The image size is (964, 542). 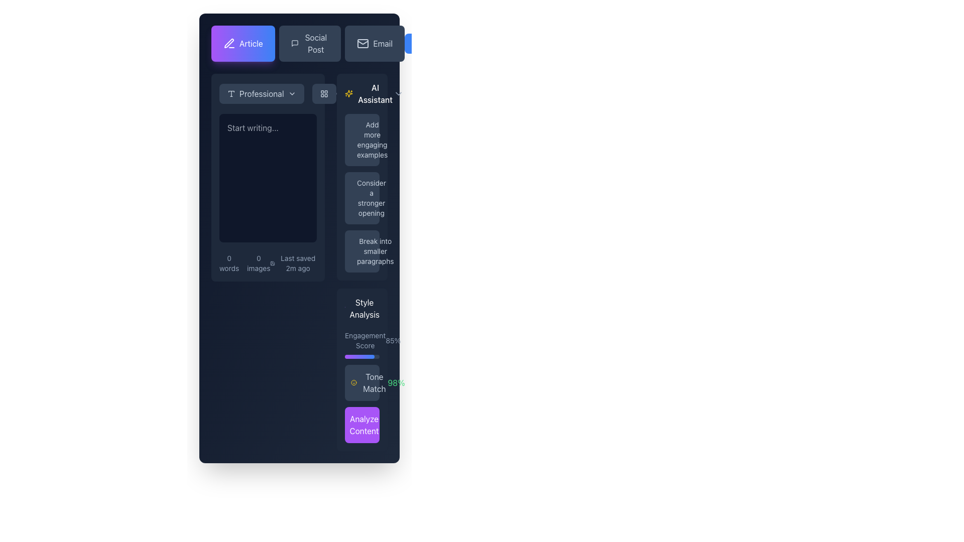 What do you see at coordinates (349, 93) in the screenshot?
I see `the central starburst shape of the decorative SVG icon within the 'AI Assistant' label, which is located in the right-side panel near the top` at bounding box center [349, 93].